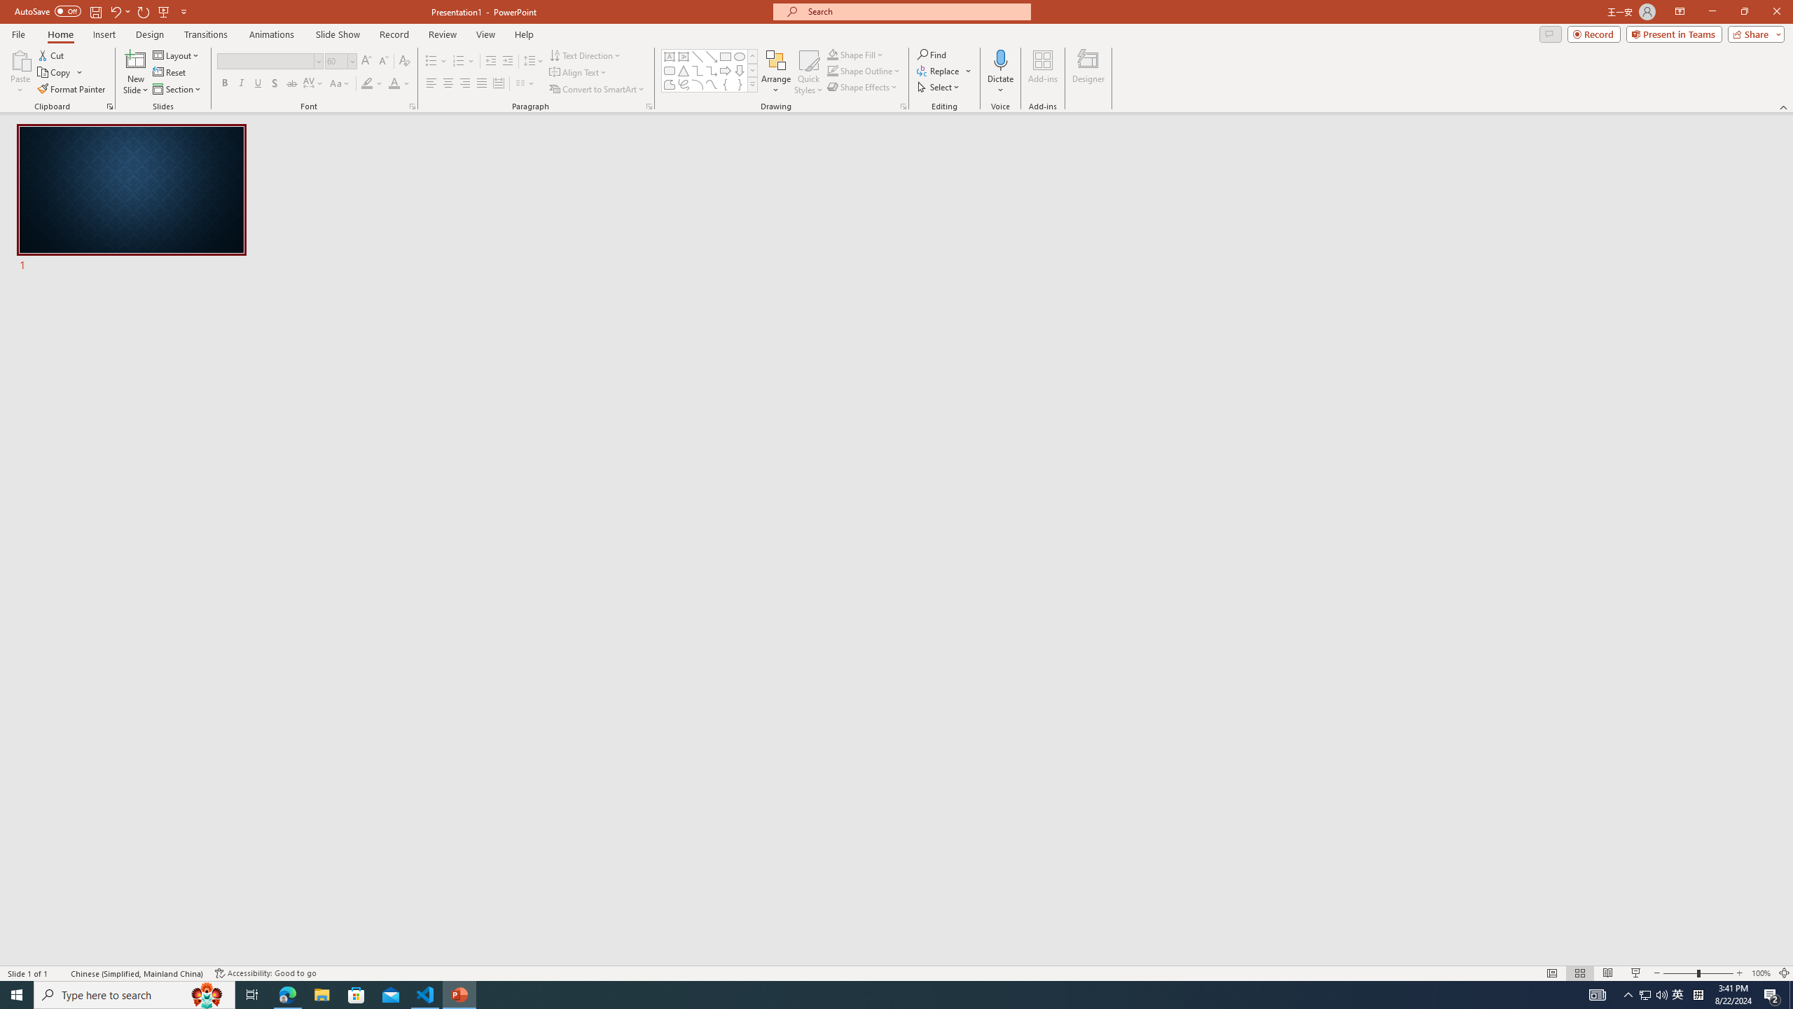  What do you see at coordinates (371, 83) in the screenshot?
I see `'Text Highlight Color'` at bounding box center [371, 83].